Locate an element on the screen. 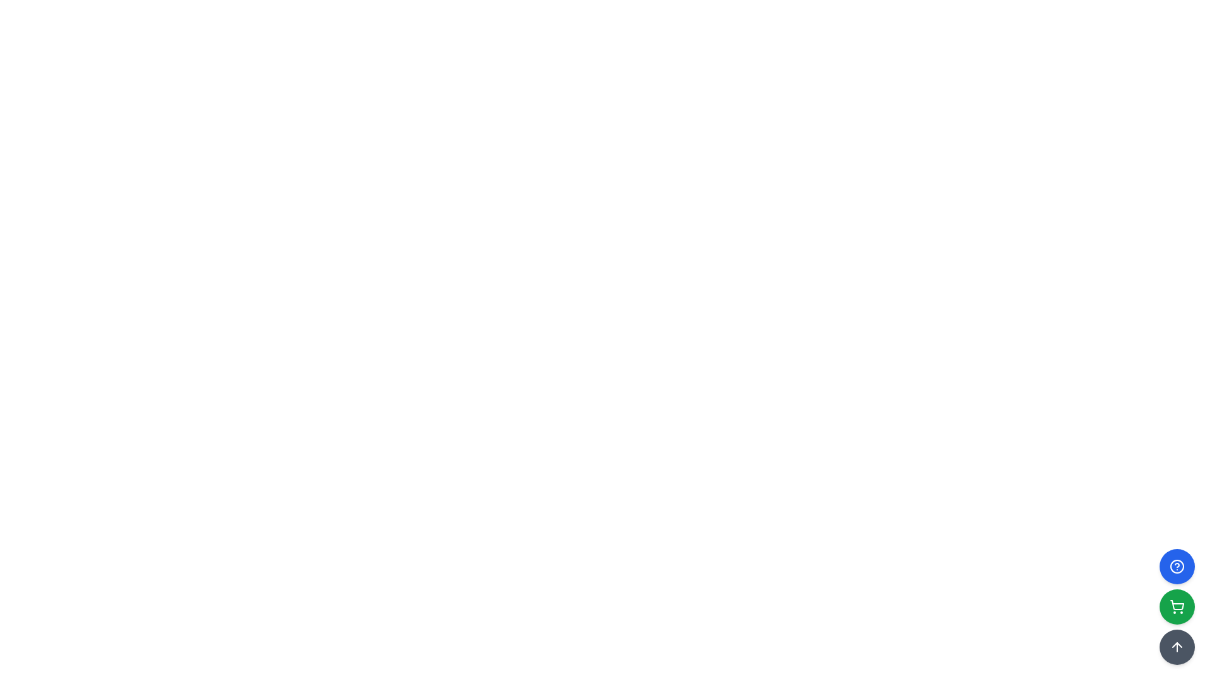  the green circular button with a shopping cart icon located in the bottom-right corner of the interface is located at coordinates (1176, 606).